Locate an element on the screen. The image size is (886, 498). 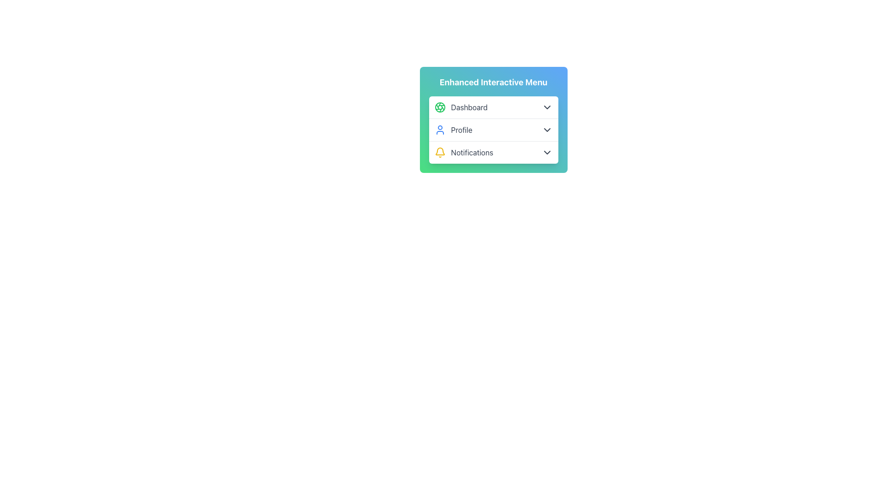
the downward-pointing chevron icon located at the top-right corner of the 'Profile' row in the vertical menu is located at coordinates (547, 130).